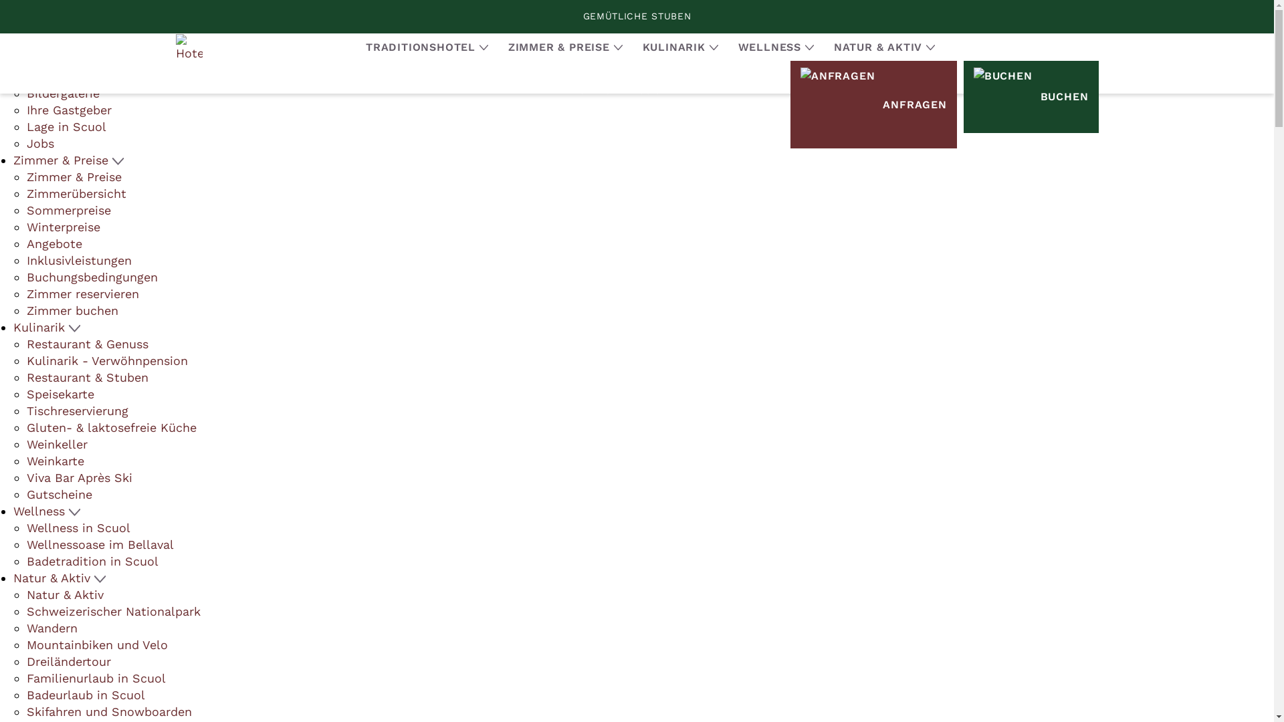 The image size is (1284, 722). What do you see at coordinates (26, 293) in the screenshot?
I see `'Zimmer reservieren'` at bounding box center [26, 293].